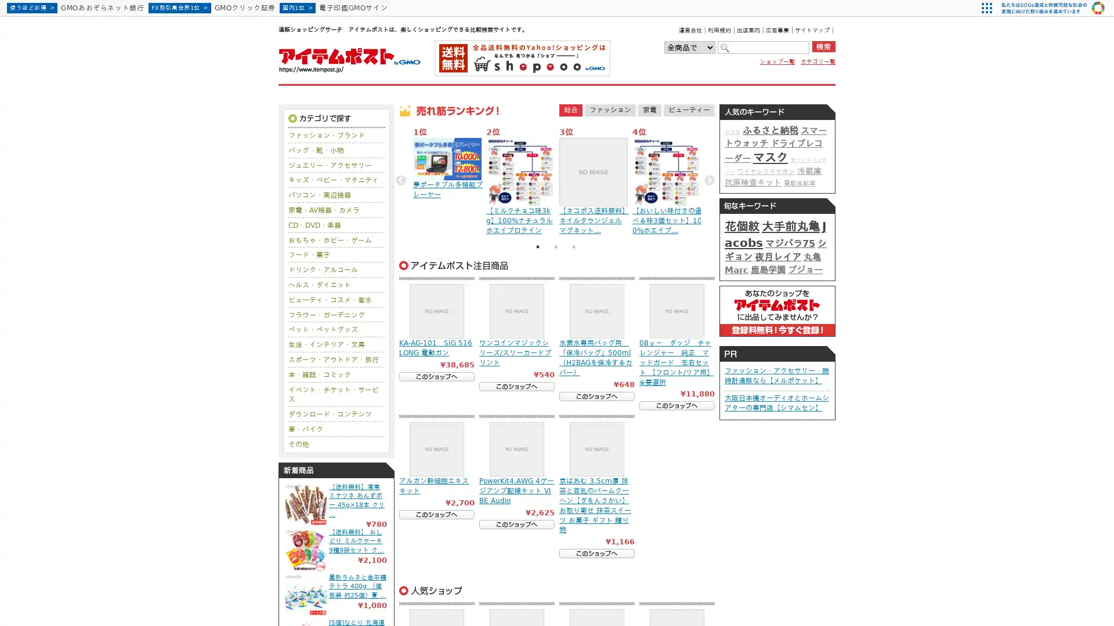 The image size is (1114, 626). Describe the element at coordinates (709, 181) in the screenshot. I see `Next` at that location.